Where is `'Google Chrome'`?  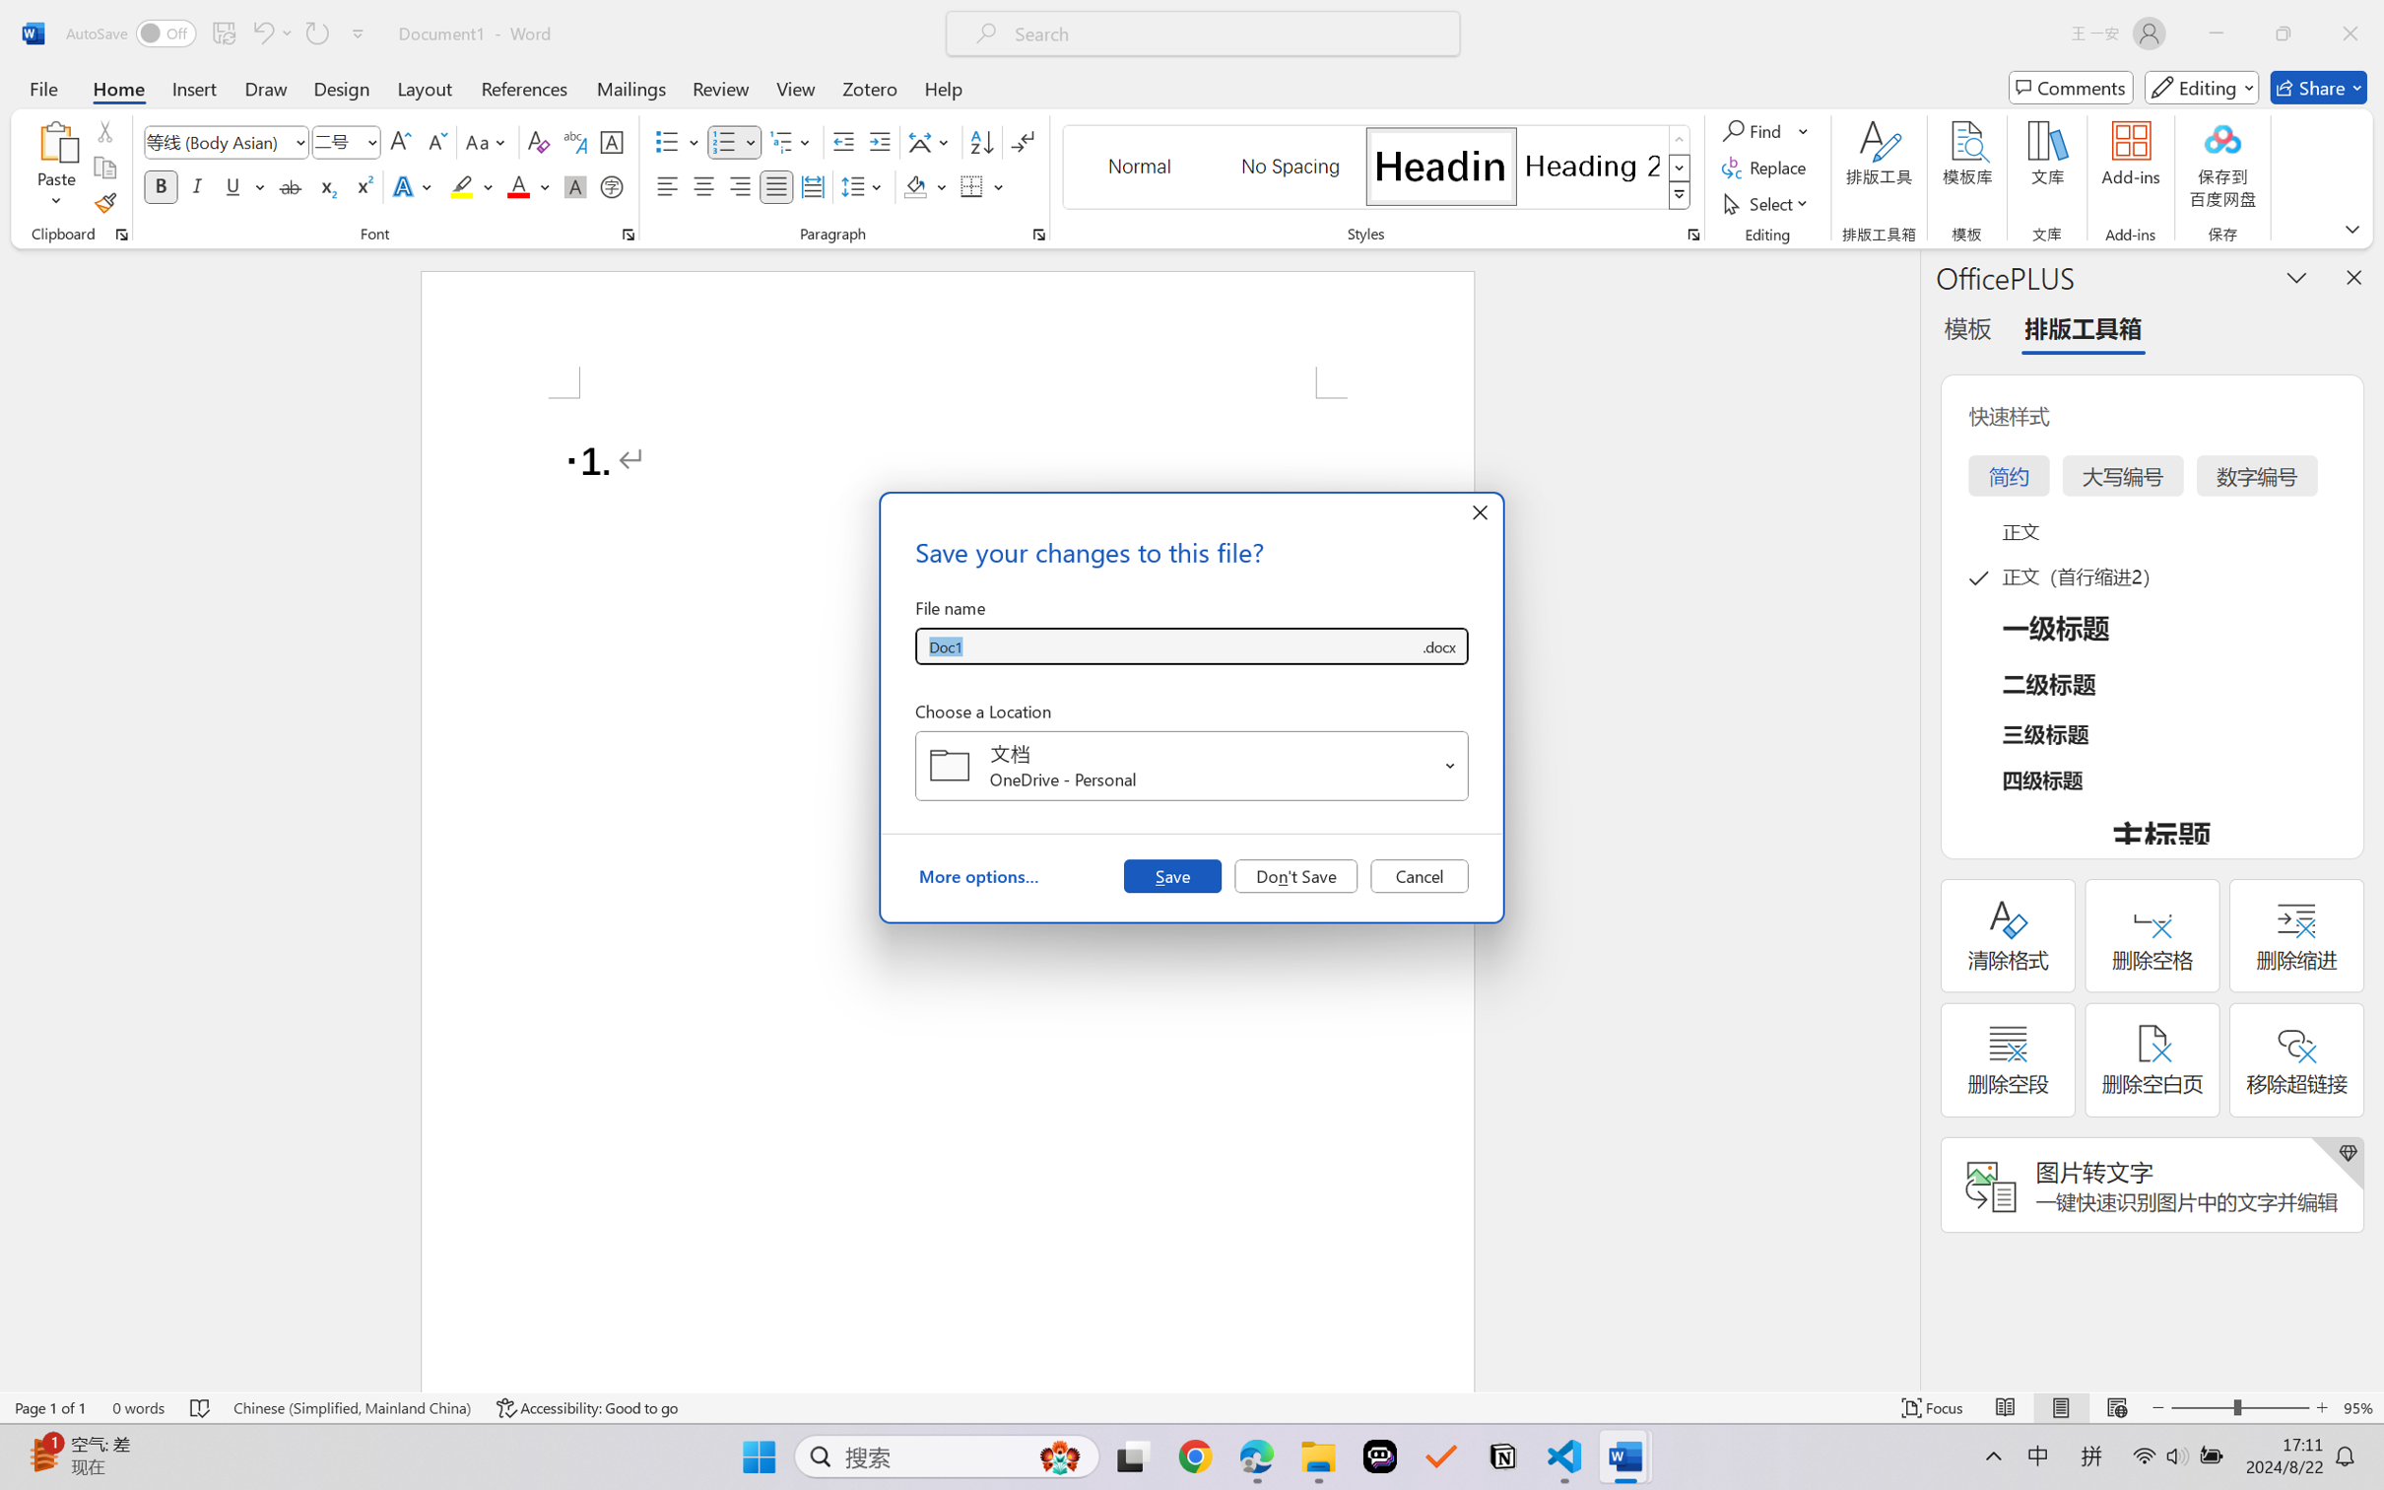
'Google Chrome' is located at coordinates (1195, 1456).